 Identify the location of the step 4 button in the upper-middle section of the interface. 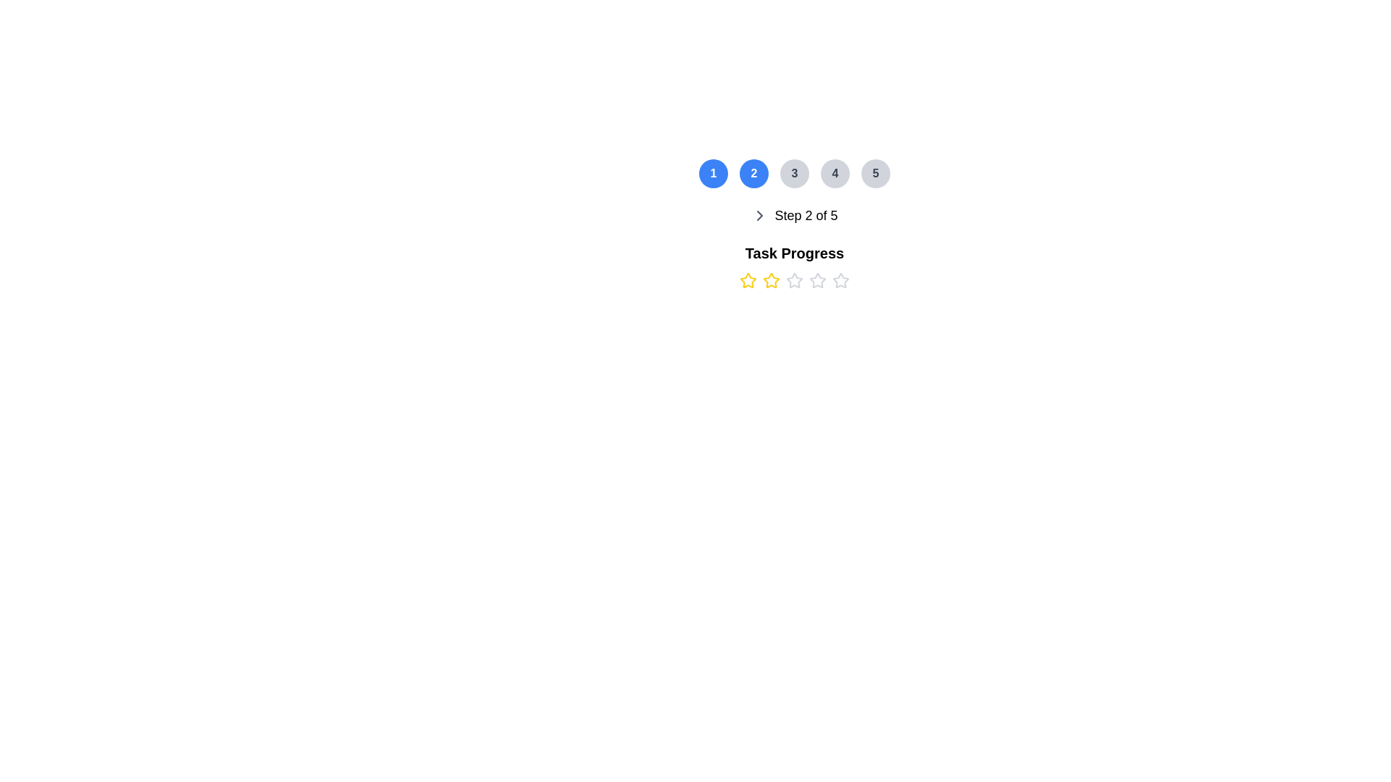
(835, 172).